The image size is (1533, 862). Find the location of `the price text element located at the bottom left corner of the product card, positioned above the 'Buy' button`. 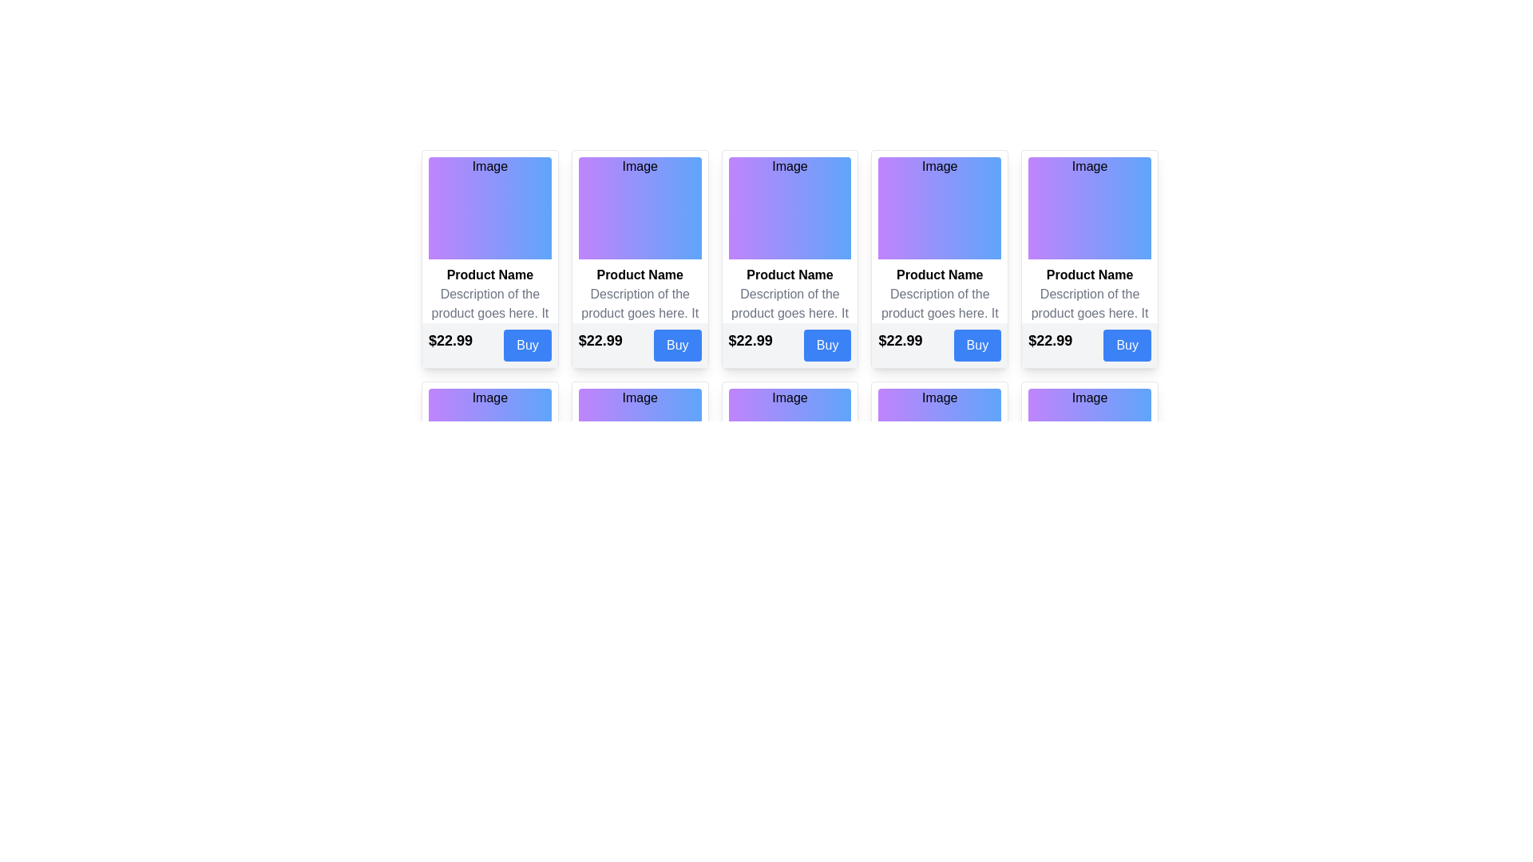

the price text element located at the bottom left corner of the product card, positioned above the 'Buy' button is located at coordinates (1050, 344).